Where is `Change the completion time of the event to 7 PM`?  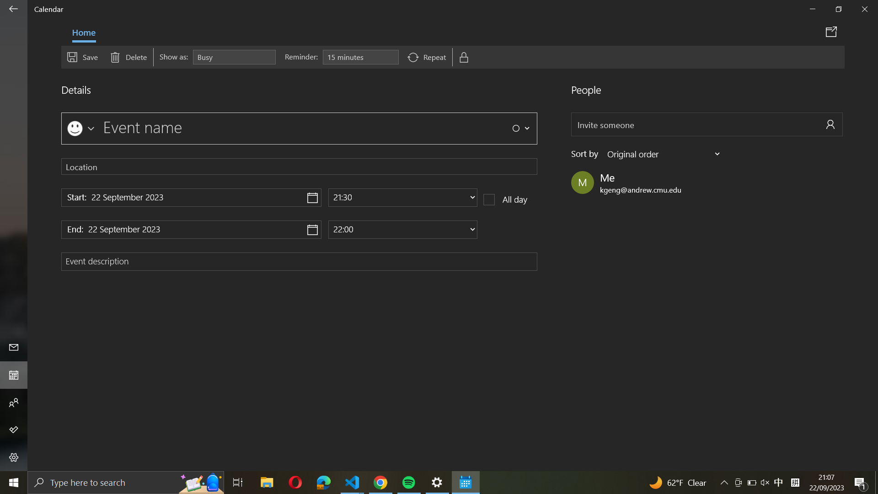 Change the completion time of the event to 7 PM is located at coordinates (402, 229).